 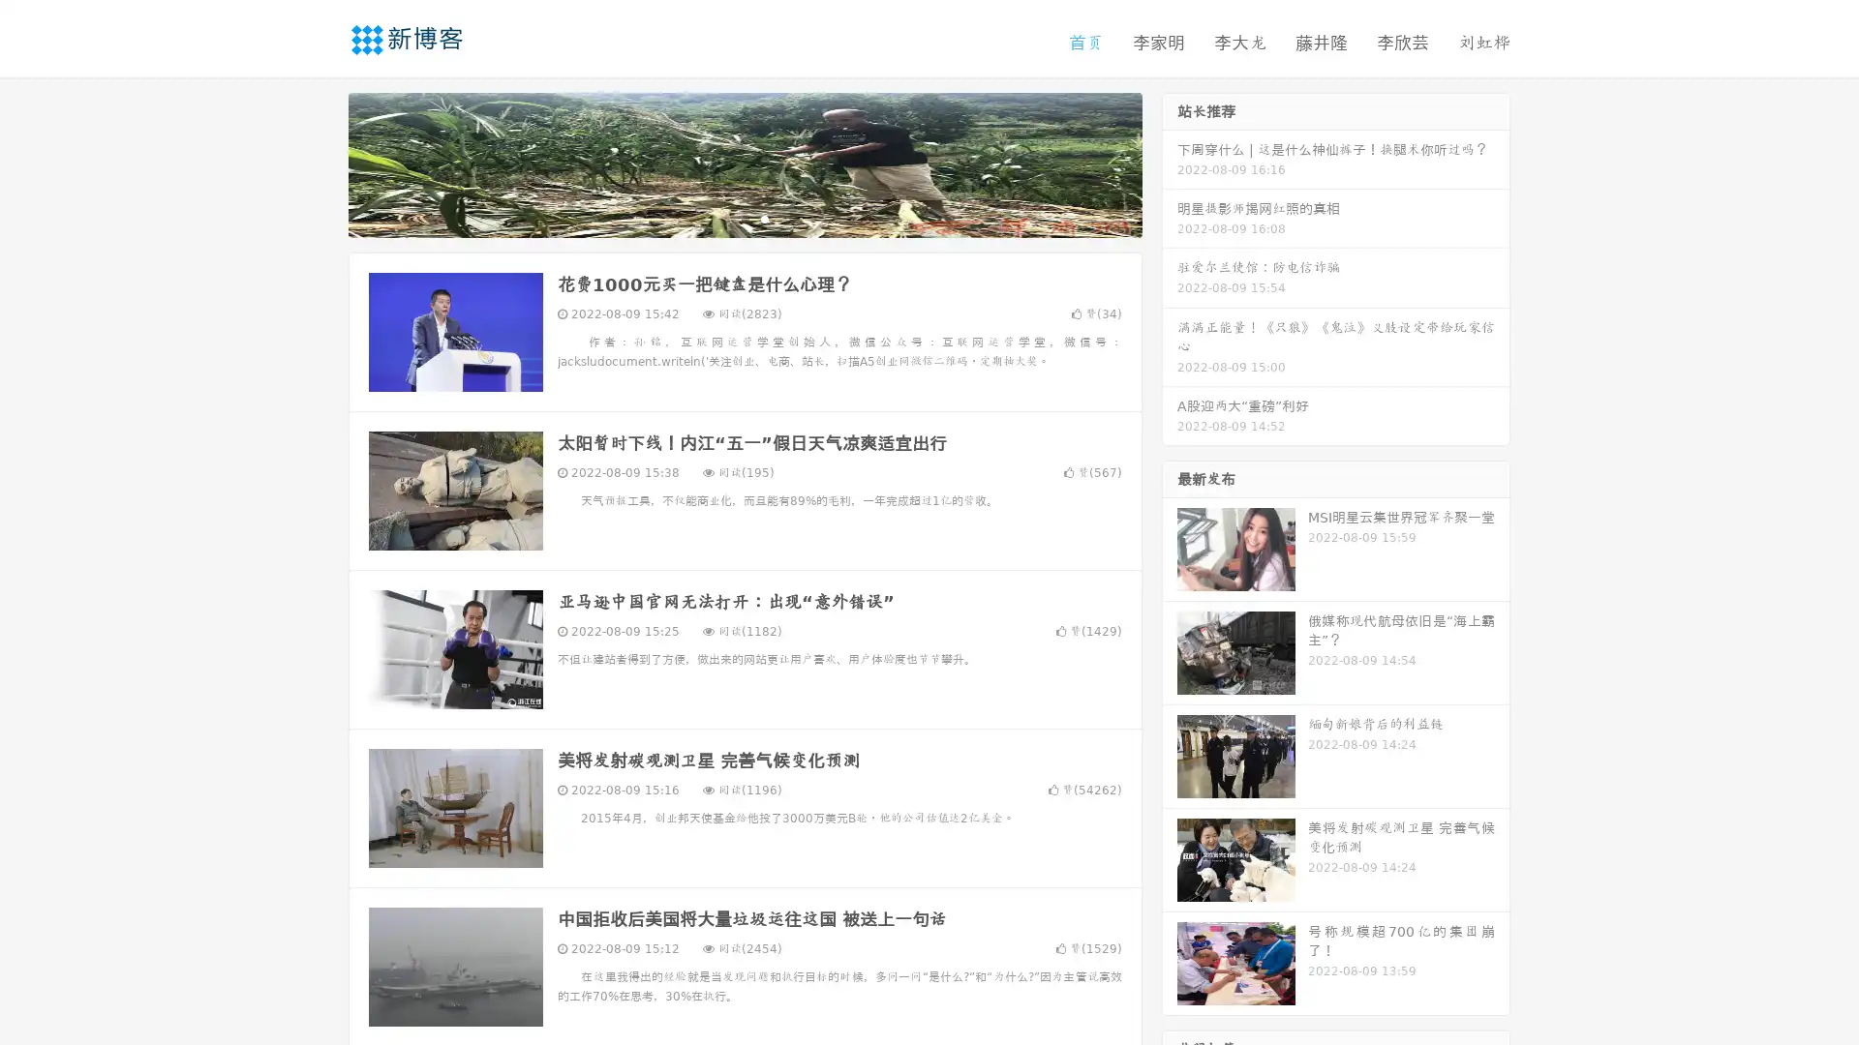 What do you see at coordinates (320, 163) in the screenshot?
I see `Previous slide` at bounding box center [320, 163].